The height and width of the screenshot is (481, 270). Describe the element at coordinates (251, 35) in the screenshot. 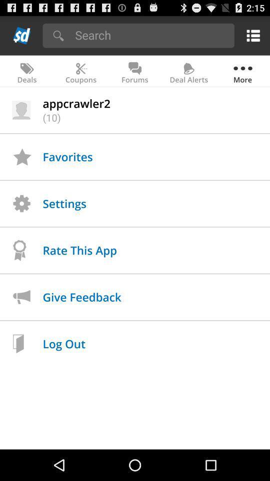

I see `item above more icon` at that location.